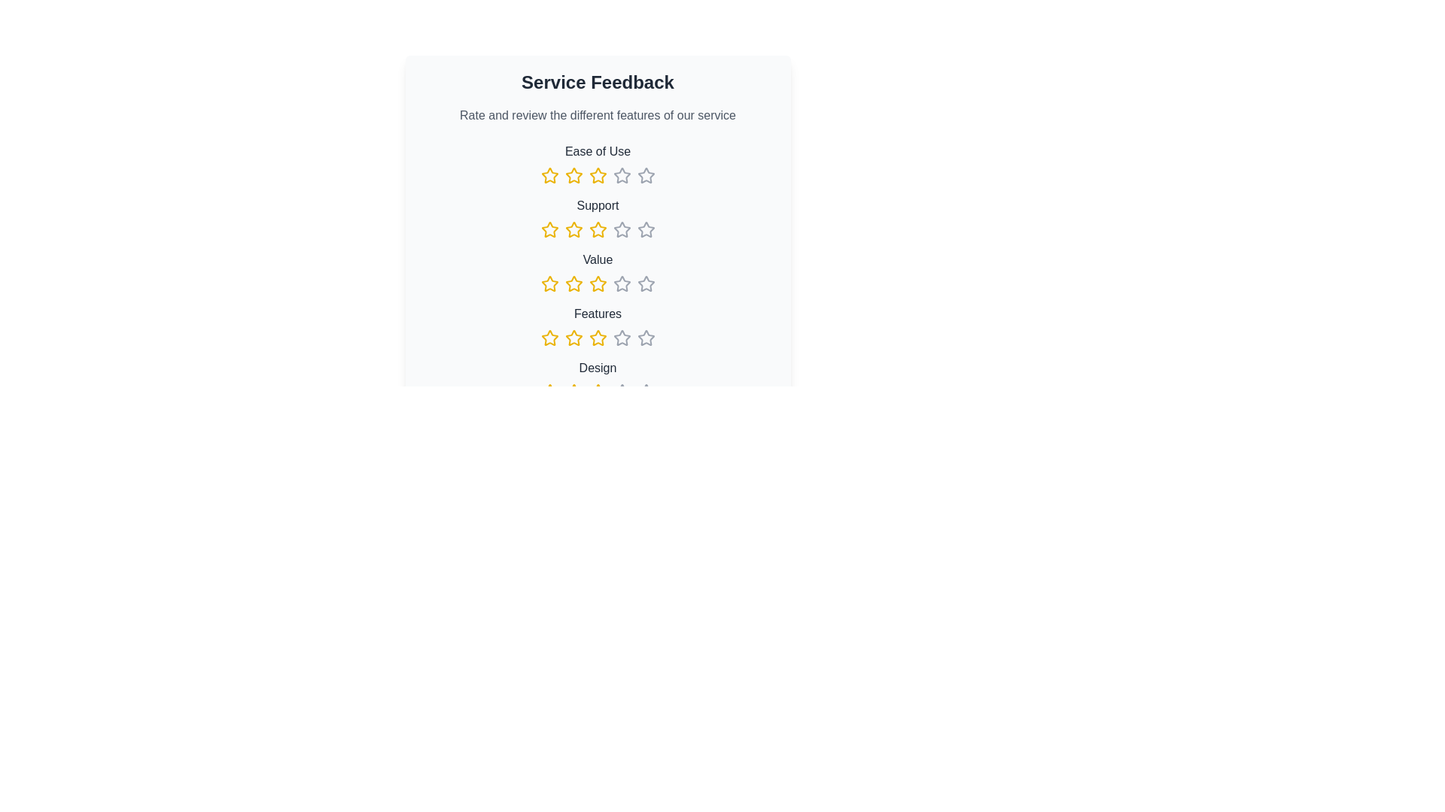  Describe the element at coordinates (573, 229) in the screenshot. I see `the clickable star icon used for ratings located under the 'Support' category` at that location.